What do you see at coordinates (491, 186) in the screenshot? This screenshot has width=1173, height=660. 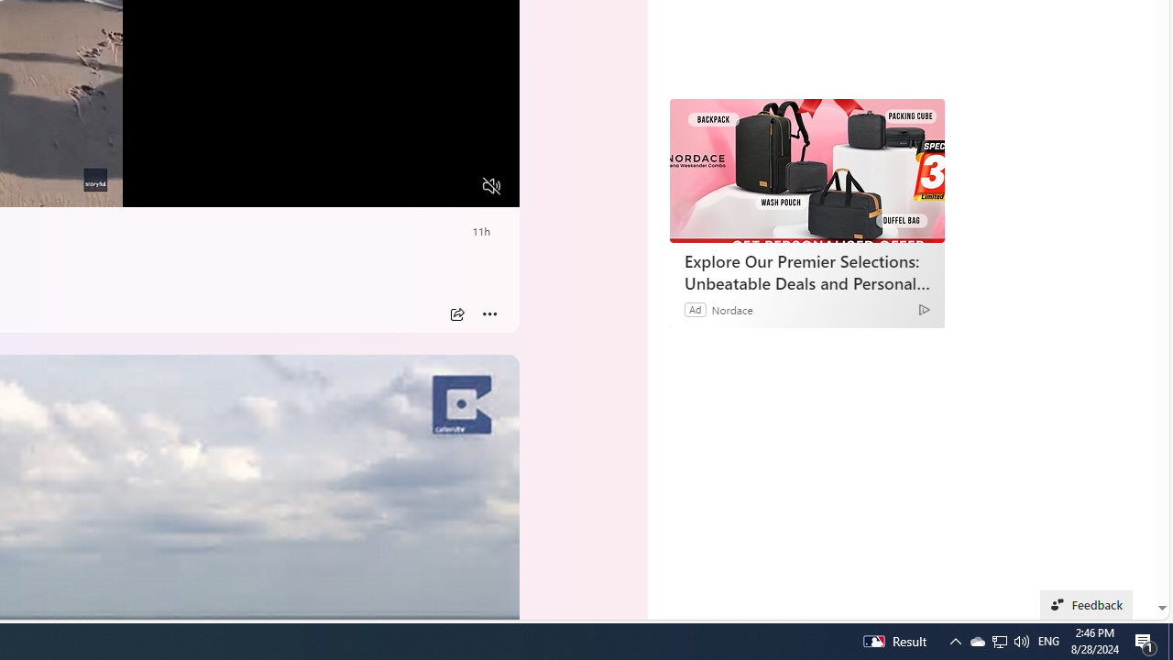 I see `'Unmute'` at bounding box center [491, 186].